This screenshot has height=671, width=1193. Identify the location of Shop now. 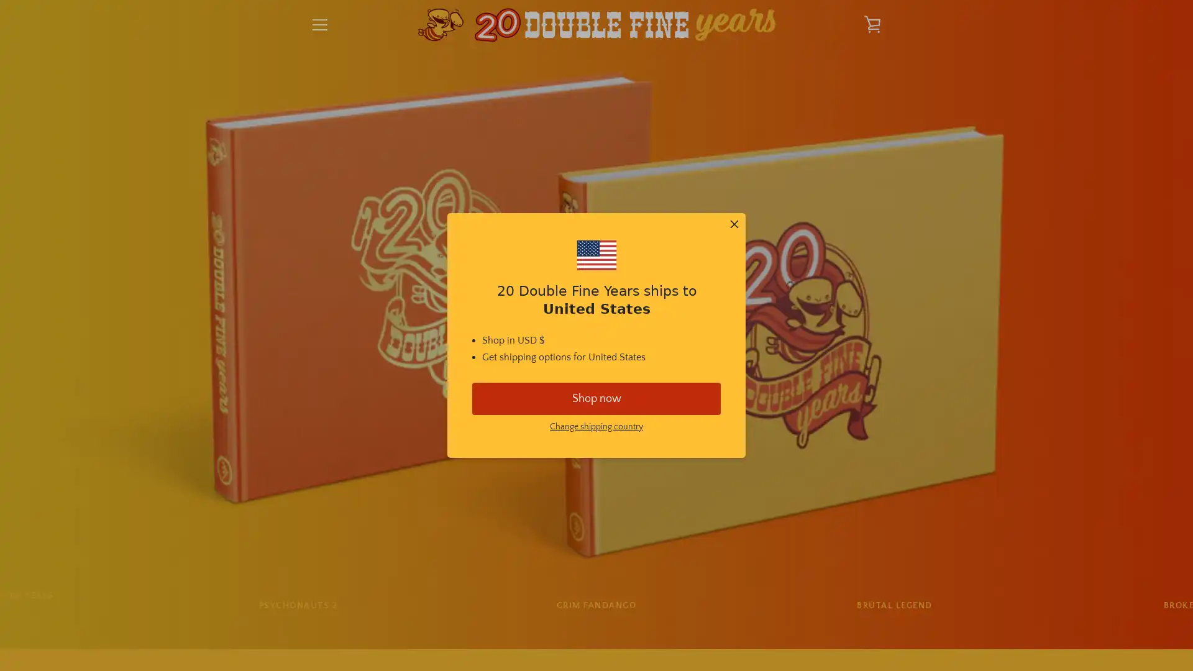
(596, 398).